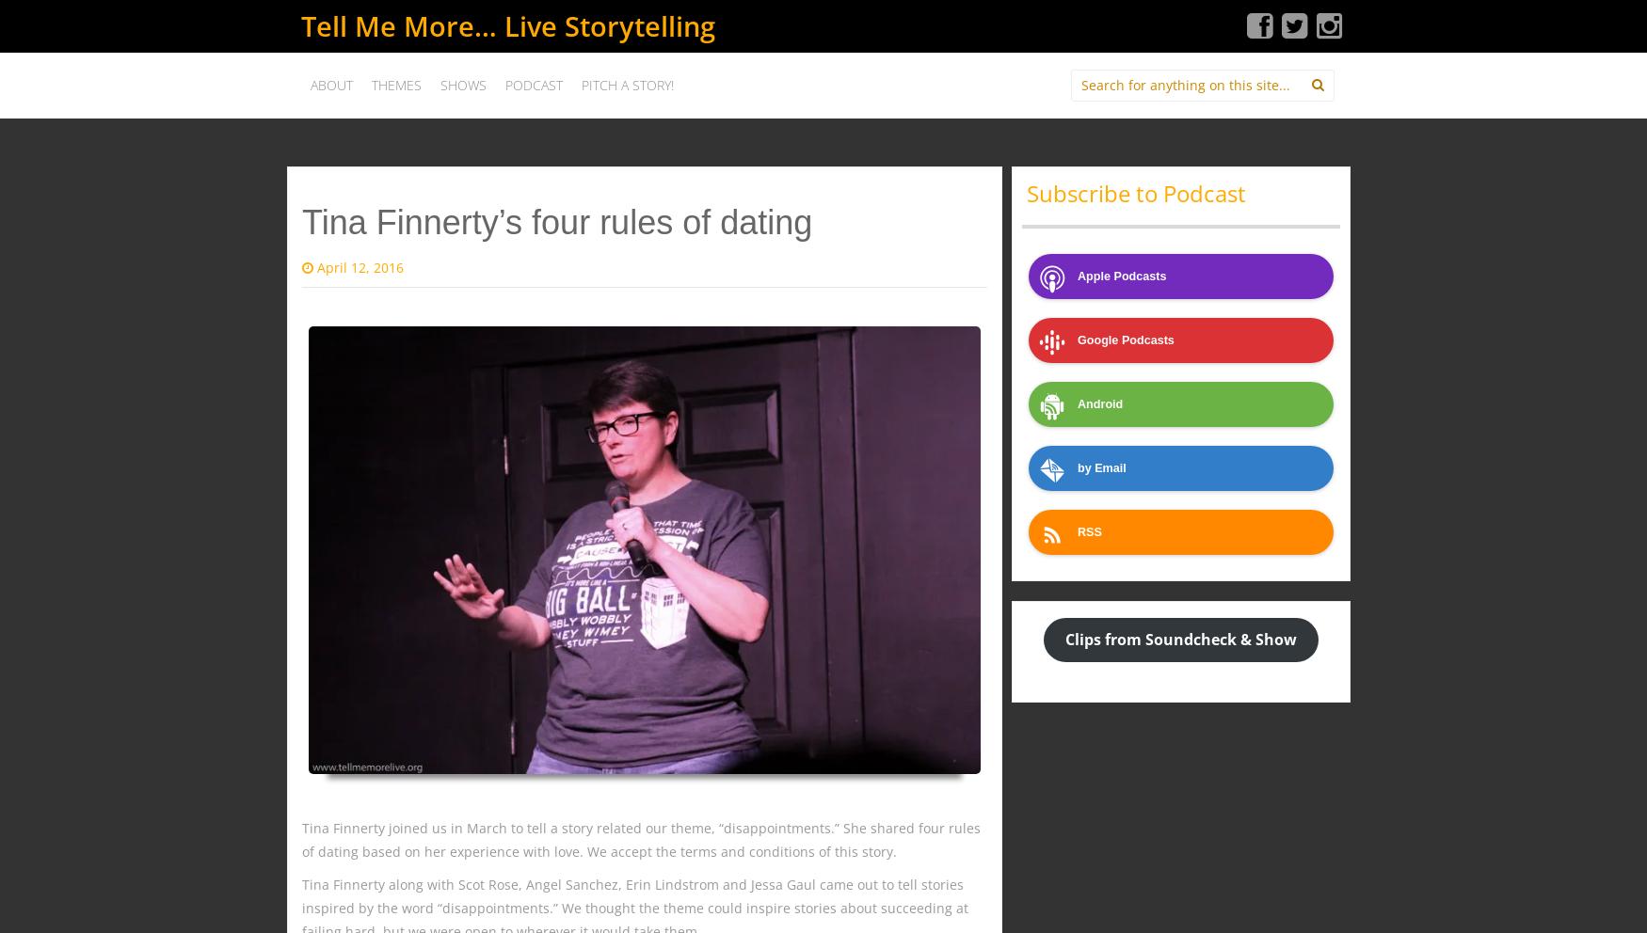  I want to click on 'by Email', so click(1100, 466).